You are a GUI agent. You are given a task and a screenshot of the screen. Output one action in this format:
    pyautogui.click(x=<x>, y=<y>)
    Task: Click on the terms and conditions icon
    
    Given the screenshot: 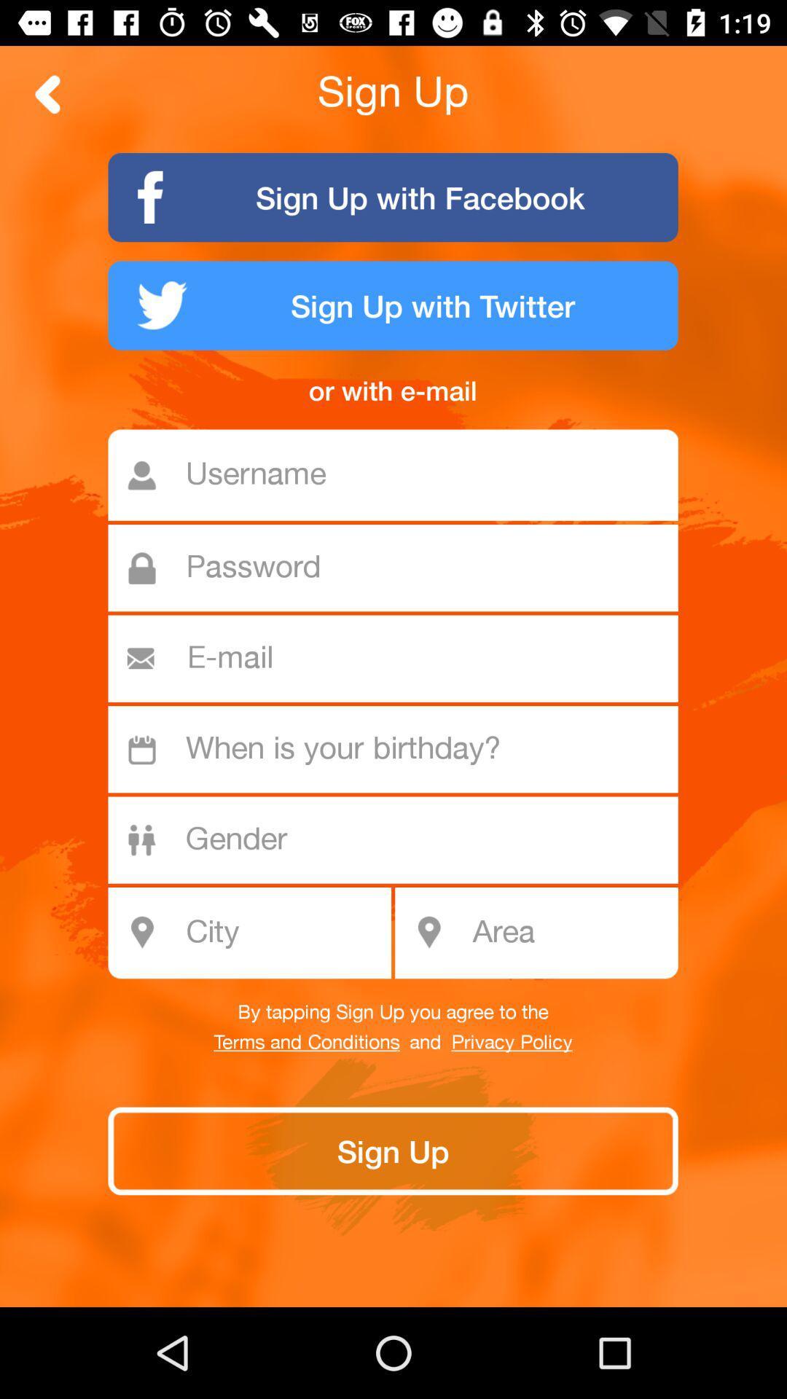 What is the action you would take?
    pyautogui.click(x=306, y=1042)
    